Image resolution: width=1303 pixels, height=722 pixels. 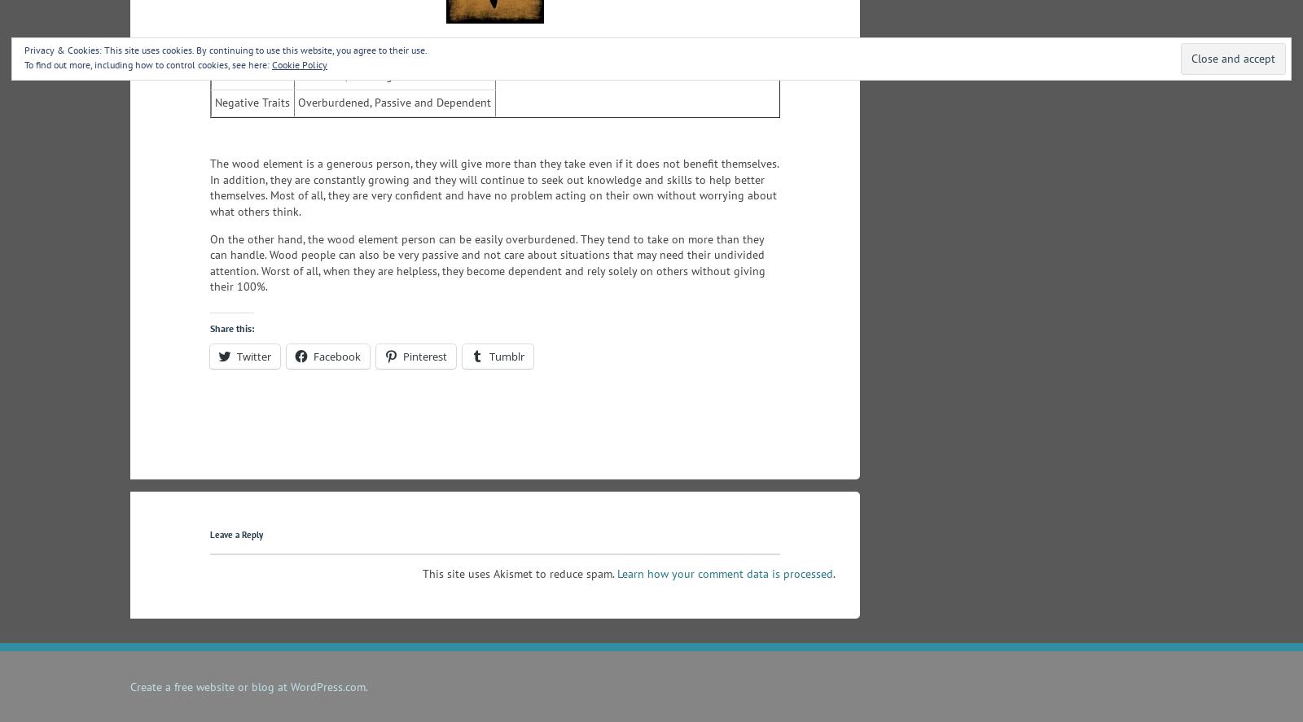 What do you see at coordinates (278, 42) in the screenshot?
I see `'Wood Element Personality'` at bounding box center [278, 42].